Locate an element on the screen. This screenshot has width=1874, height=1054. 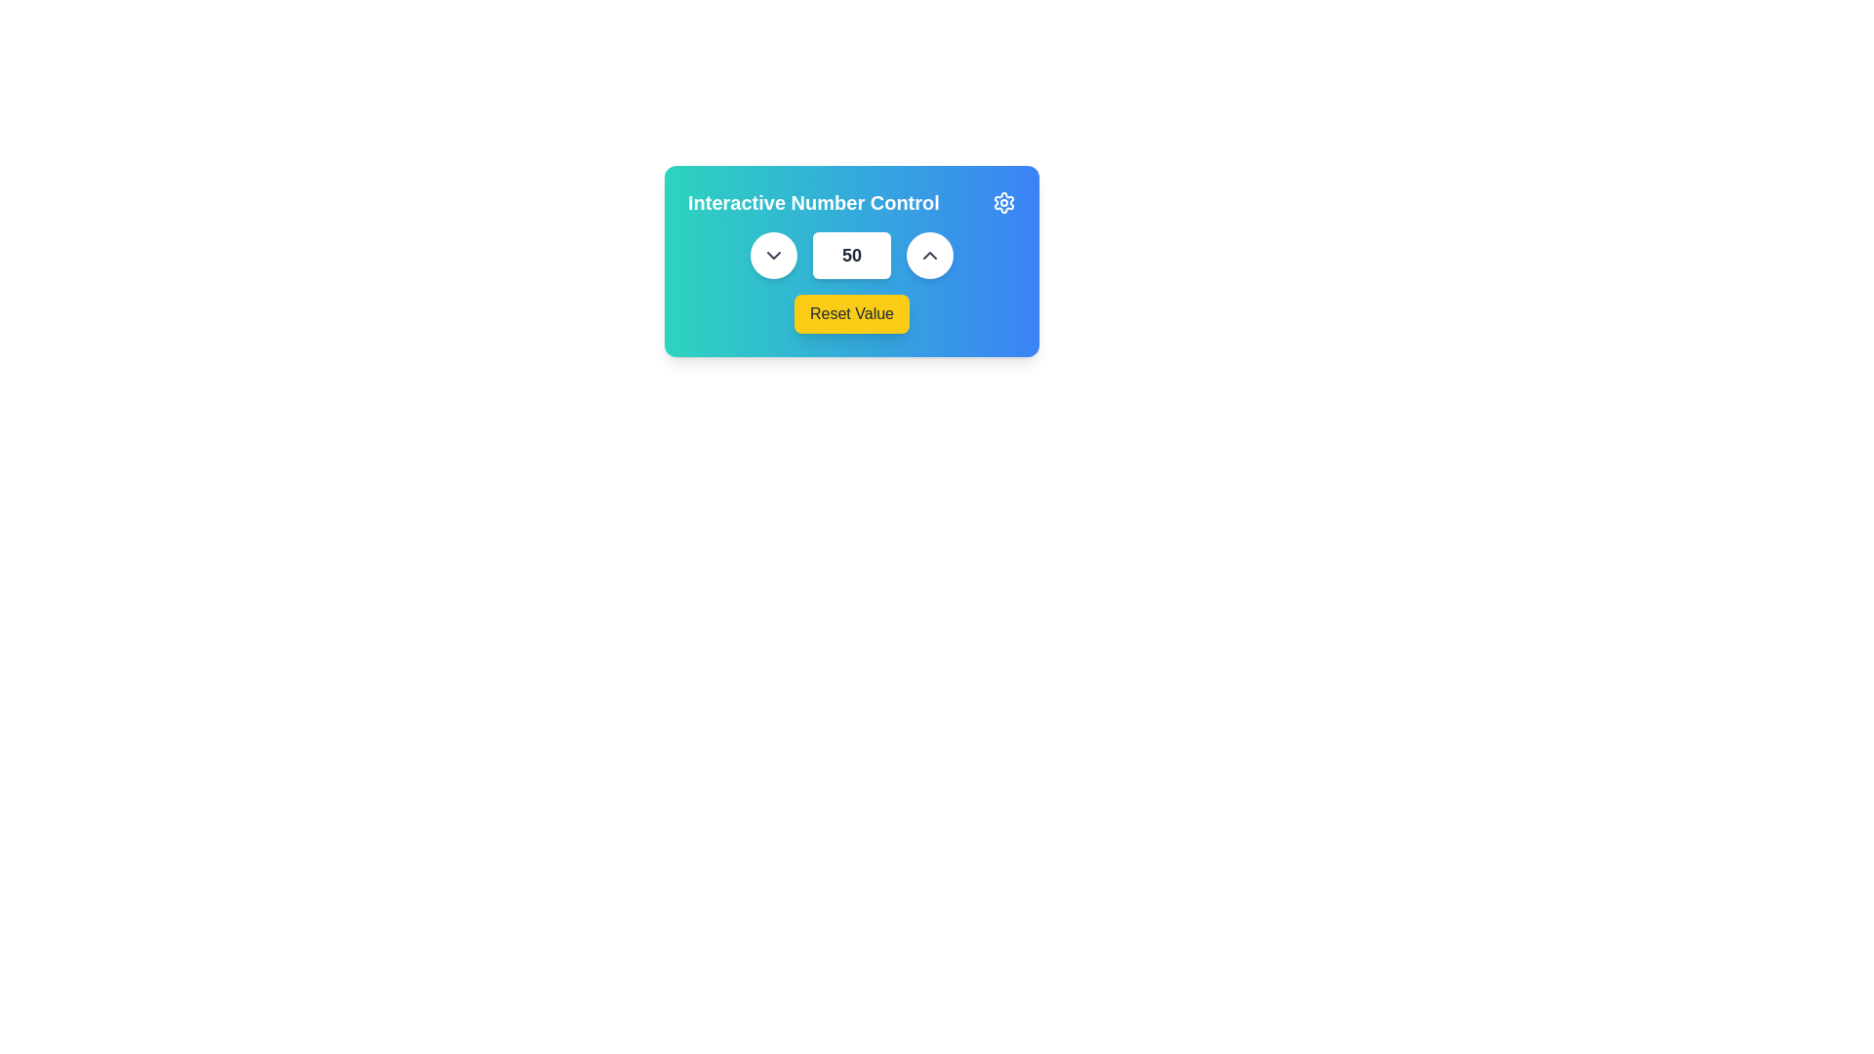
the numerical input box displaying the number '50' to focus on it for editing is located at coordinates (852, 255).